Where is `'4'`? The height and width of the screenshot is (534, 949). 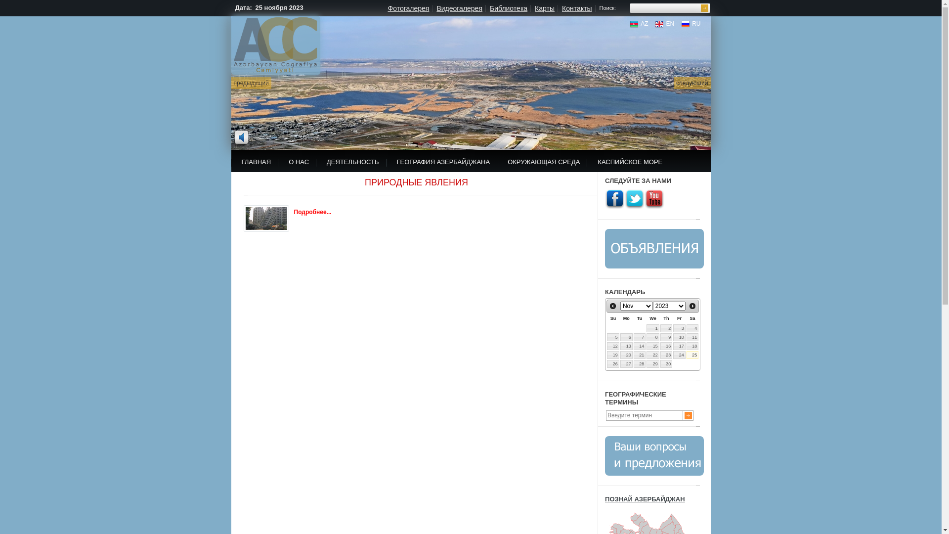
'4' is located at coordinates (692, 328).